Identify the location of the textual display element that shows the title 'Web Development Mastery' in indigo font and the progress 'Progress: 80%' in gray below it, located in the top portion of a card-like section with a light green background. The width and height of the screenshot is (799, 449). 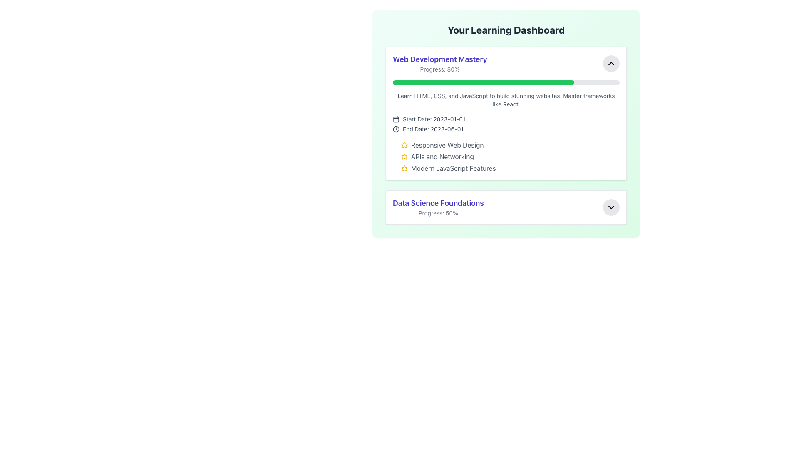
(439, 63).